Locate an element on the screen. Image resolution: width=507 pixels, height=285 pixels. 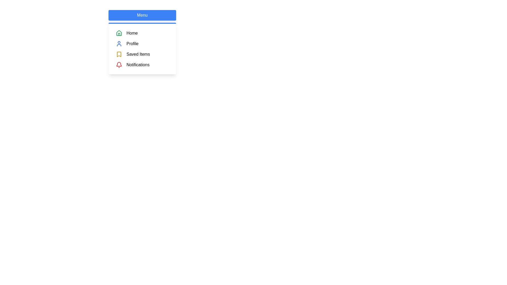
the menu item corresponding to Home is located at coordinates (115, 33).